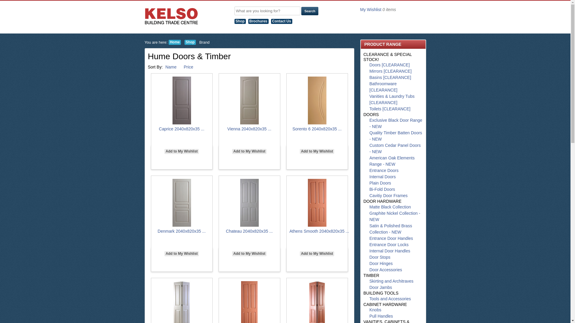 This screenshot has height=323, width=575. What do you see at coordinates (380, 183) in the screenshot?
I see `'Plain Doors'` at bounding box center [380, 183].